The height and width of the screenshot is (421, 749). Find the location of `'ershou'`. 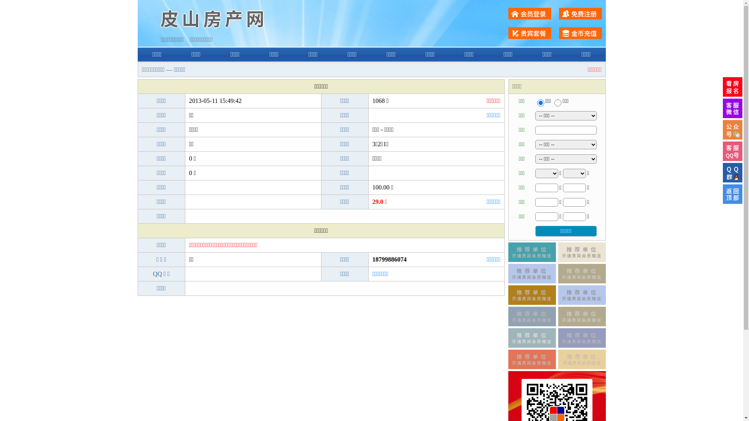

'ershou' is located at coordinates (540, 102).